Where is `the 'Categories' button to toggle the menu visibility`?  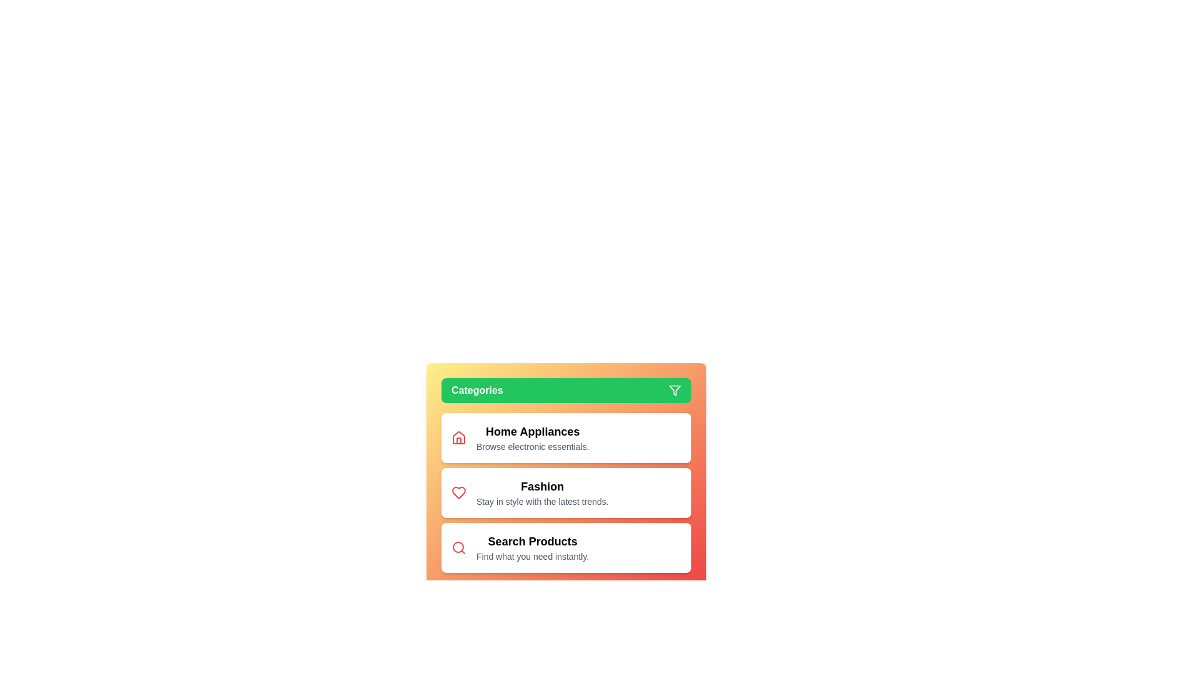
the 'Categories' button to toggle the menu visibility is located at coordinates (566, 389).